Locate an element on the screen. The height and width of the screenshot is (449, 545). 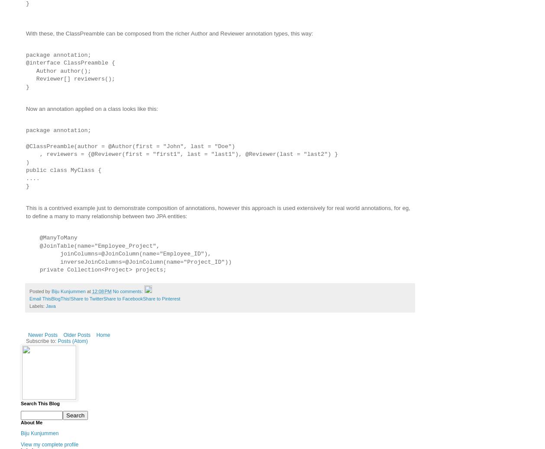
'Posts (Atom)' is located at coordinates (72, 341).